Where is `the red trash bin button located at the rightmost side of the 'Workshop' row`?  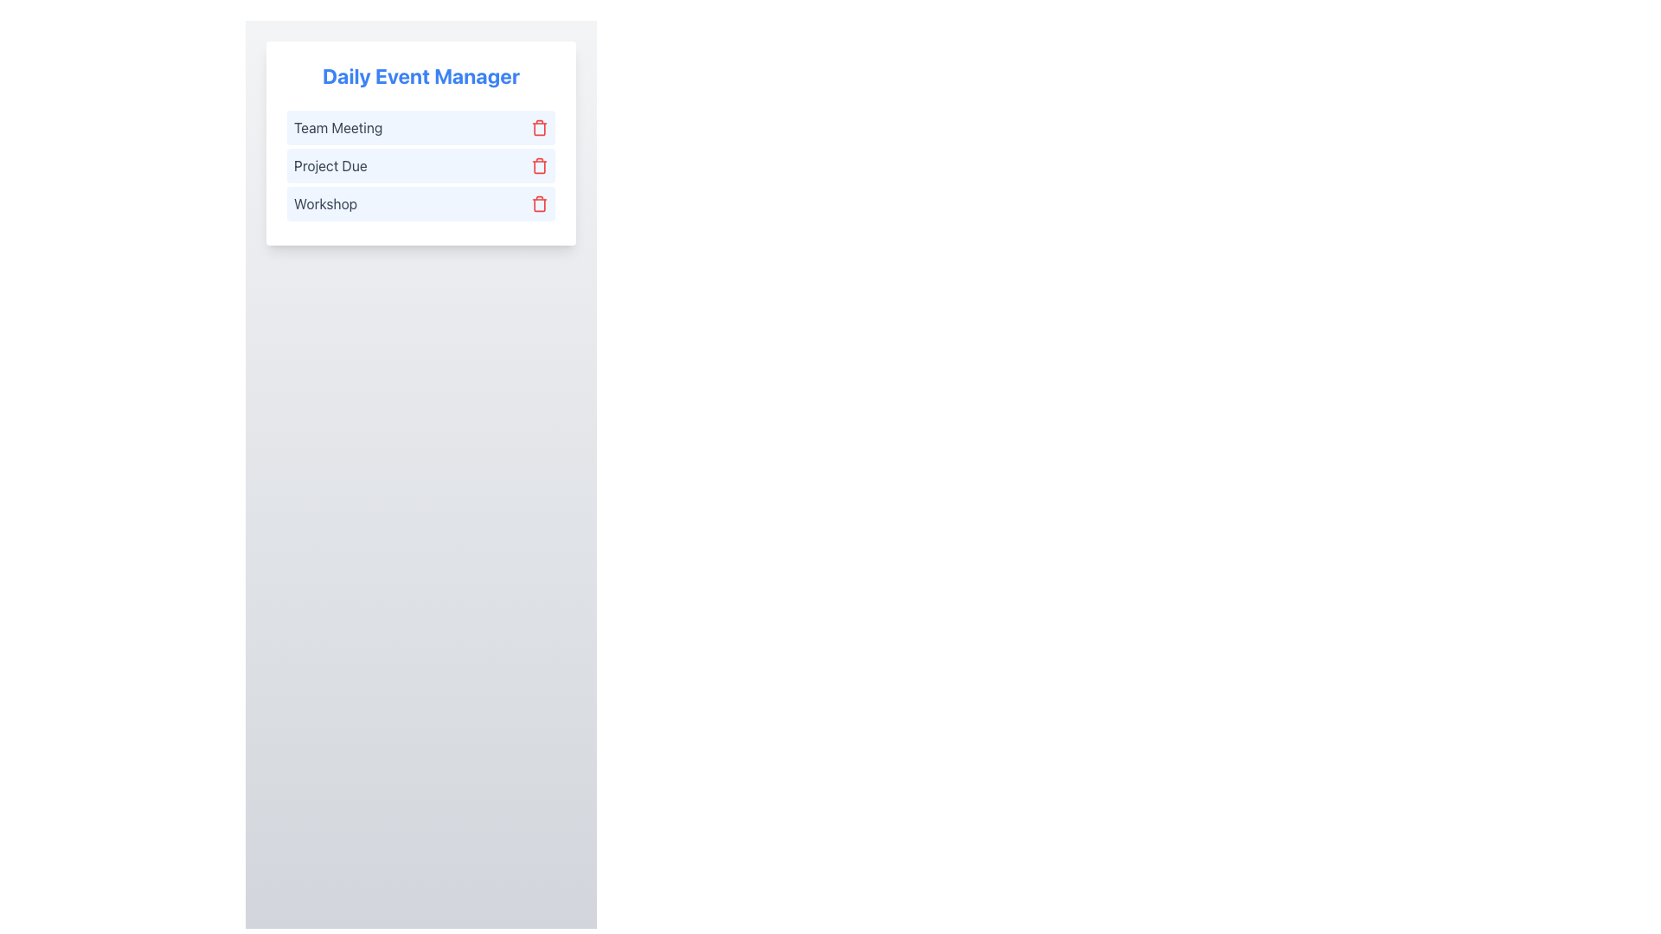
the red trash bin button located at the rightmost side of the 'Workshop' row is located at coordinates (539, 202).